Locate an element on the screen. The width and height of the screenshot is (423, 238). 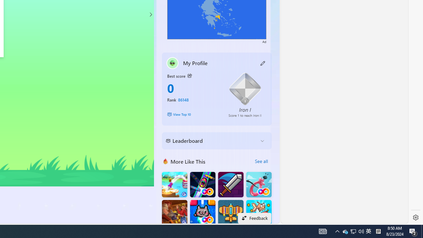
'Bumper Car FRVR' is located at coordinates (202, 184).